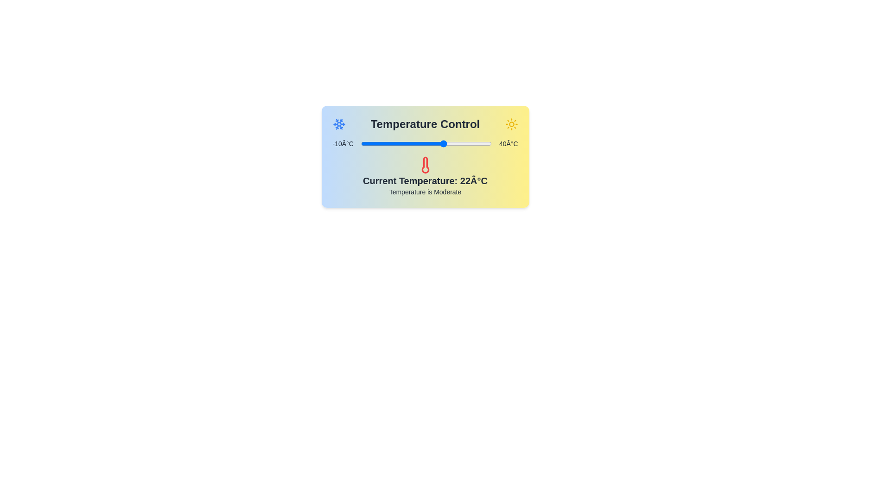 The image size is (890, 501). What do you see at coordinates (384, 143) in the screenshot?
I see `the slider to set the temperature to -1°C` at bounding box center [384, 143].